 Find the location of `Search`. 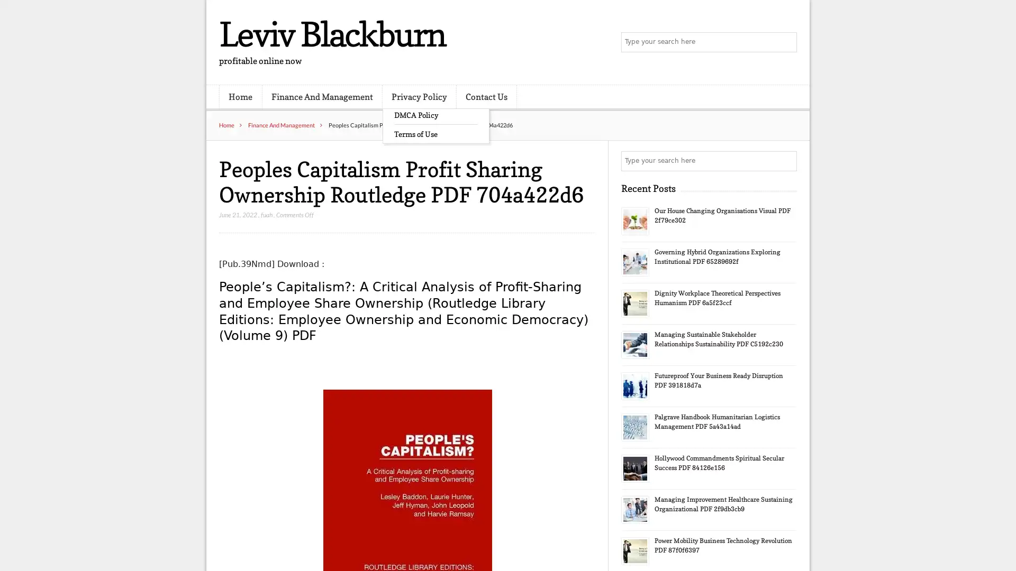

Search is located at coordinates (786, 161).